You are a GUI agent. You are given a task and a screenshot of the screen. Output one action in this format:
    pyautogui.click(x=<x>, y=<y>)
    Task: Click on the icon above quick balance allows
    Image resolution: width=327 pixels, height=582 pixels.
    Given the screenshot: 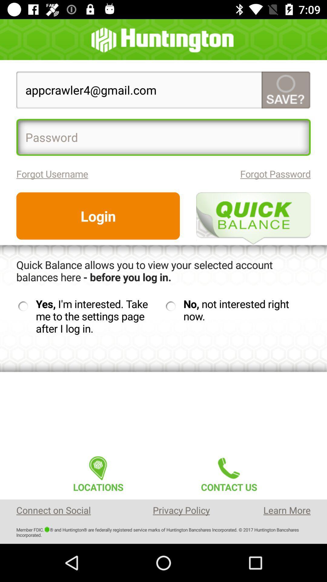 What is the action you would take?
    pyautogui.click(x=98, y=216)
    